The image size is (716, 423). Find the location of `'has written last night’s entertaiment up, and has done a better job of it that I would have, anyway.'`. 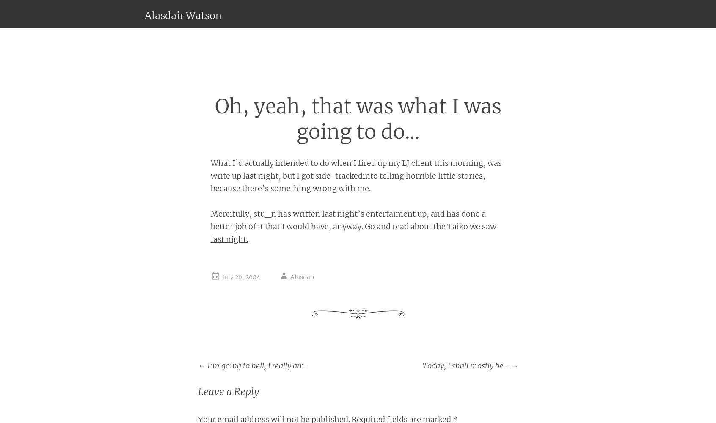

'has written last night’s entertaiment up, and has done a better job of it that I would have, anyway.' is located at coordinates (347, 220).